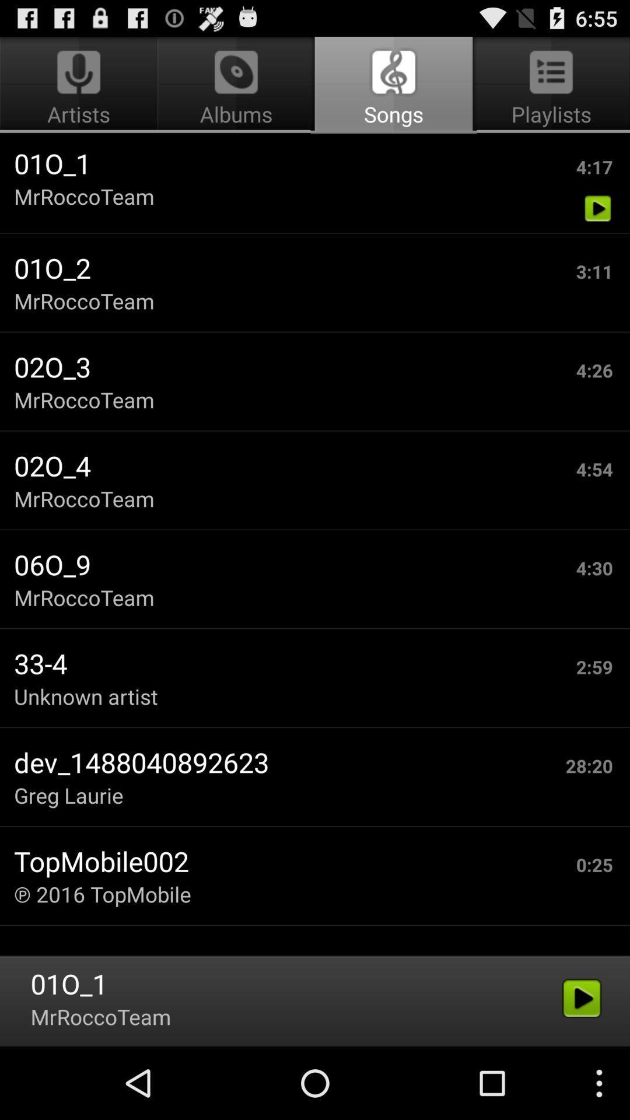 This screenshot has width=630, height=1120. I want to click on item next to the playlists item, so click(236, 85).